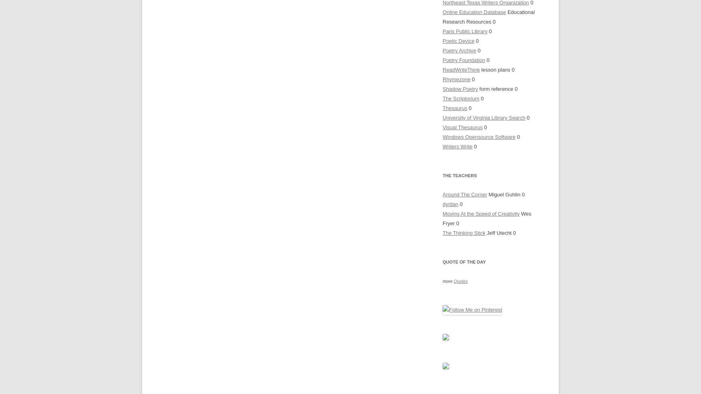  Describe the element at coordinates (457, 146) in the screenshot. I see `'Writers Write'` at that location.